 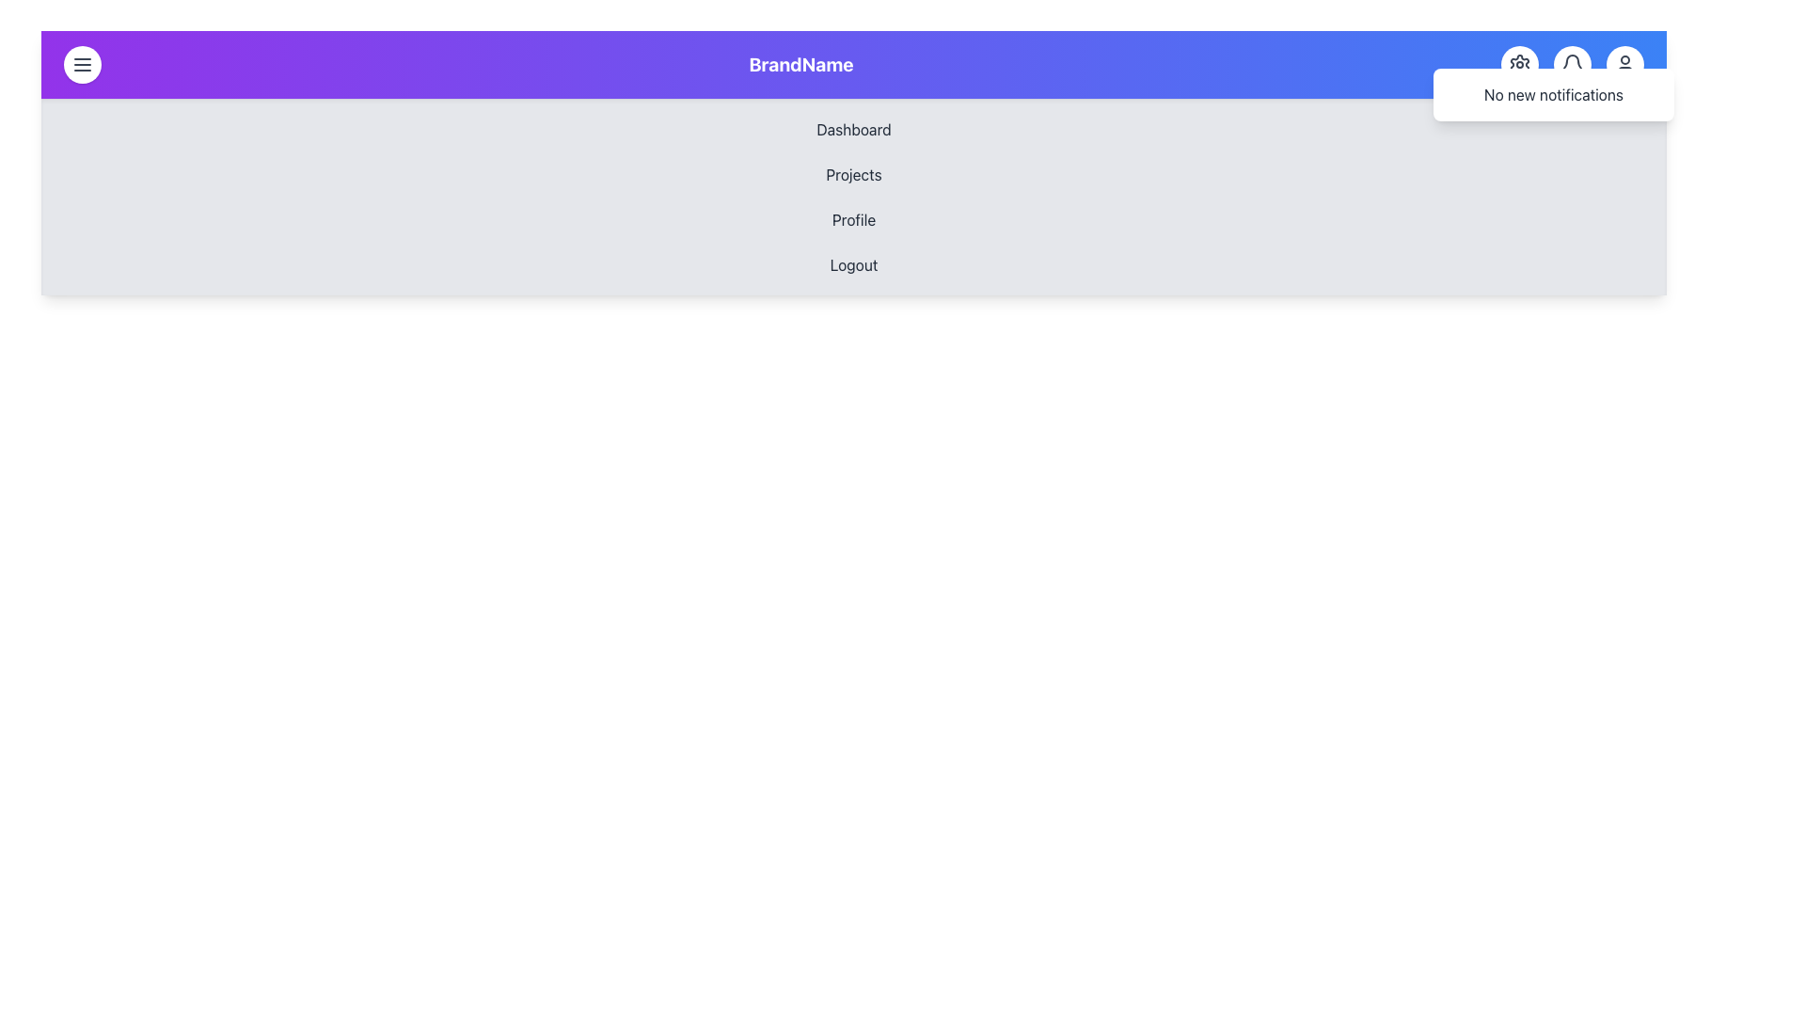 What do you see at coordinates (1572, 64) in the screenshot?
I see `the small circular button with a bell-shaped icon located in the top navigation bar` at bounding box center [1572, 64].